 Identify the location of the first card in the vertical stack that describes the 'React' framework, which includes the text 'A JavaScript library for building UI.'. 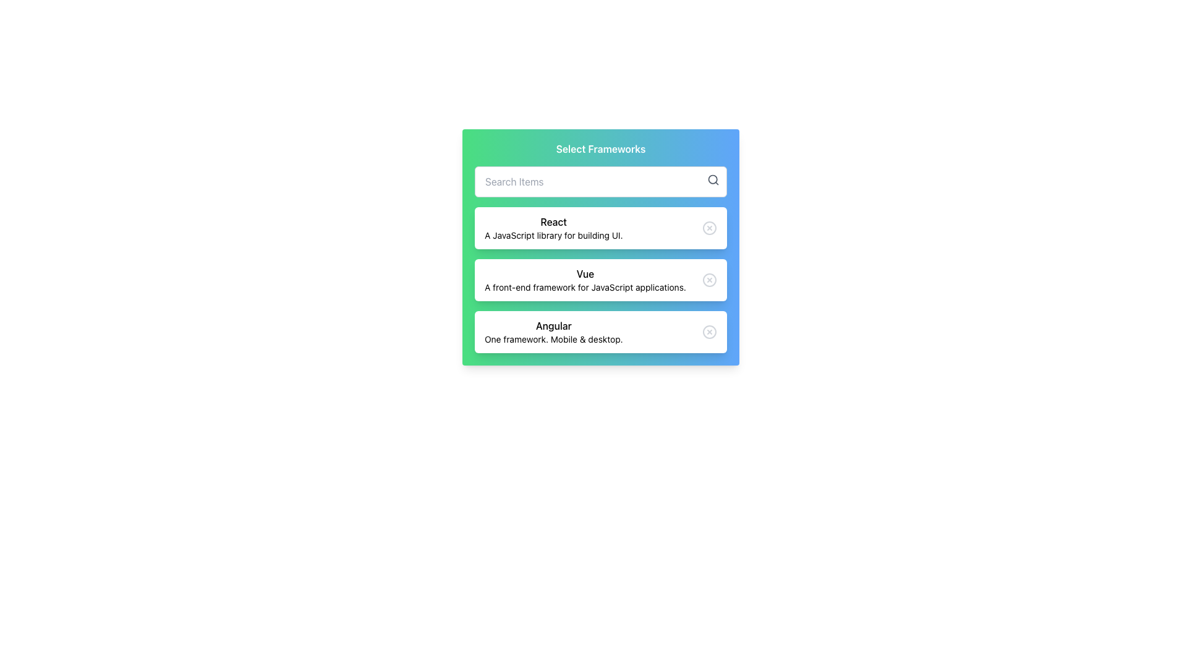
(553, 228).